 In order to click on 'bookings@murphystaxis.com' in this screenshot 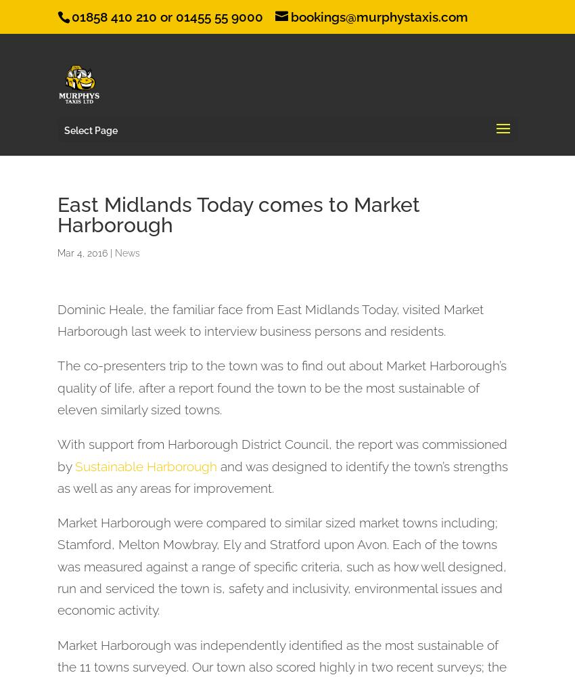, I will do `click(379, 17)`.